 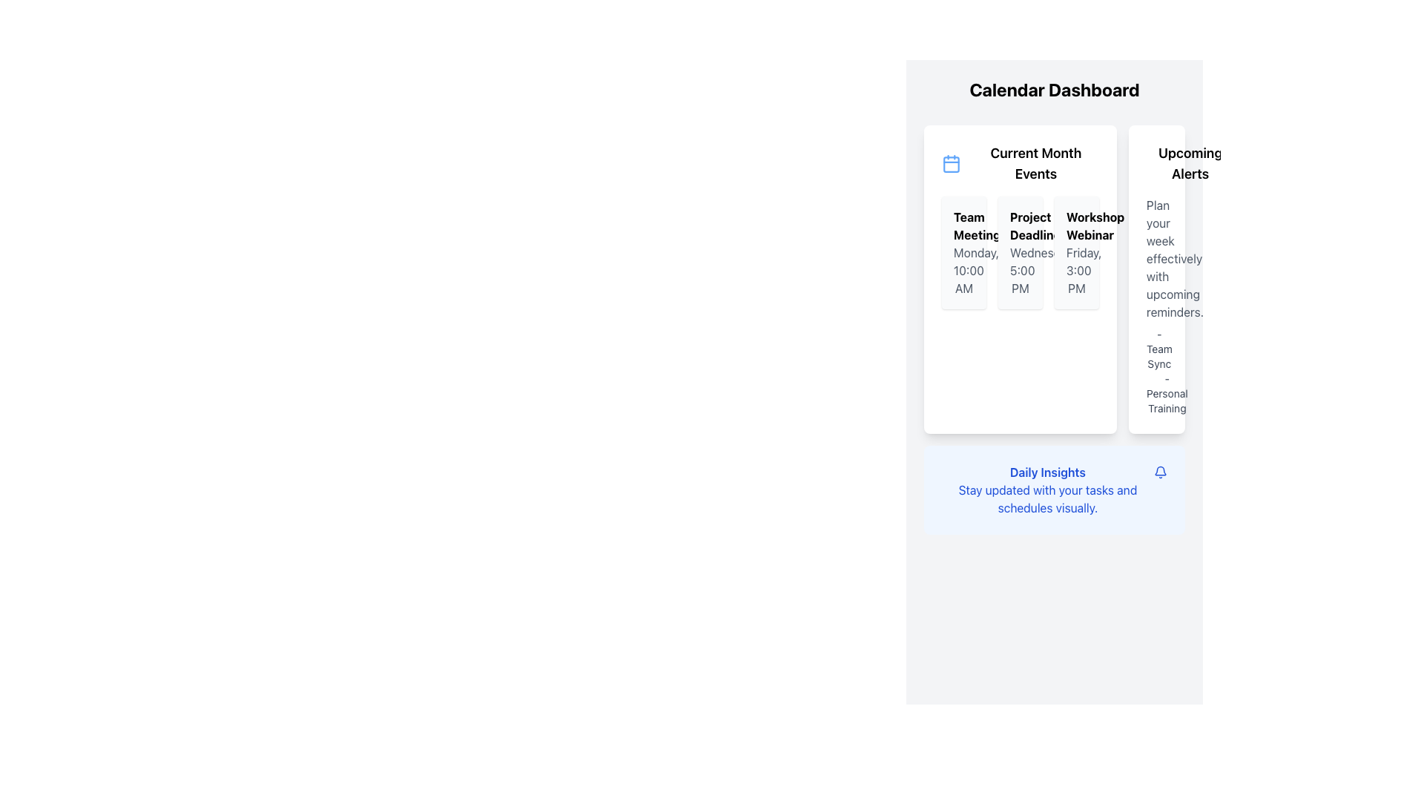 I want to click on the Text Label that informs the user of the specific time for the 'Team Meeting', so click(x=964, y=271).